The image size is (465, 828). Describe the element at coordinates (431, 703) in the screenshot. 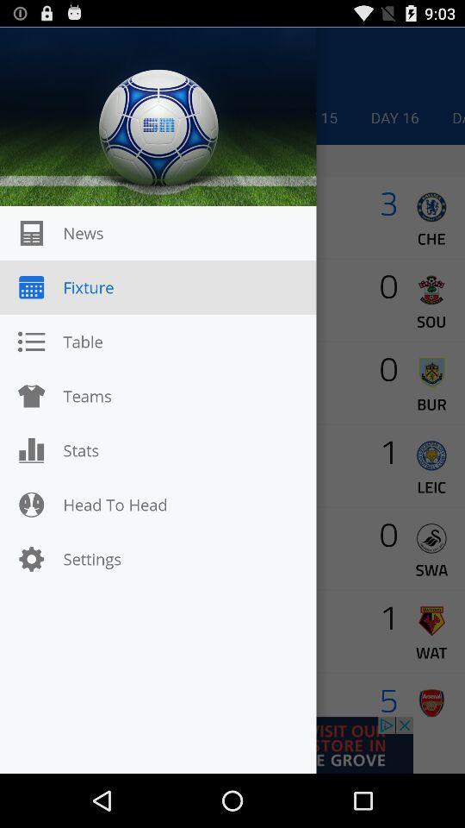

I see `the flag at the right bottom of the page` at that location.